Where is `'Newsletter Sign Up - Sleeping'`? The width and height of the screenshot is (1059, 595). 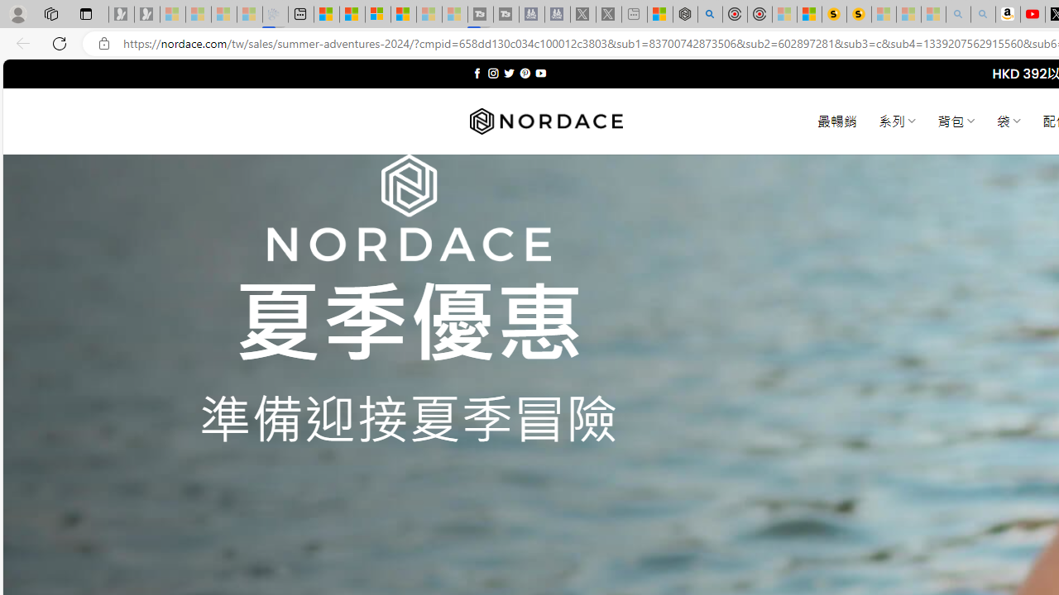 'Newsletter Sign Up - Sleeping' is located at coordinates (146, 14).